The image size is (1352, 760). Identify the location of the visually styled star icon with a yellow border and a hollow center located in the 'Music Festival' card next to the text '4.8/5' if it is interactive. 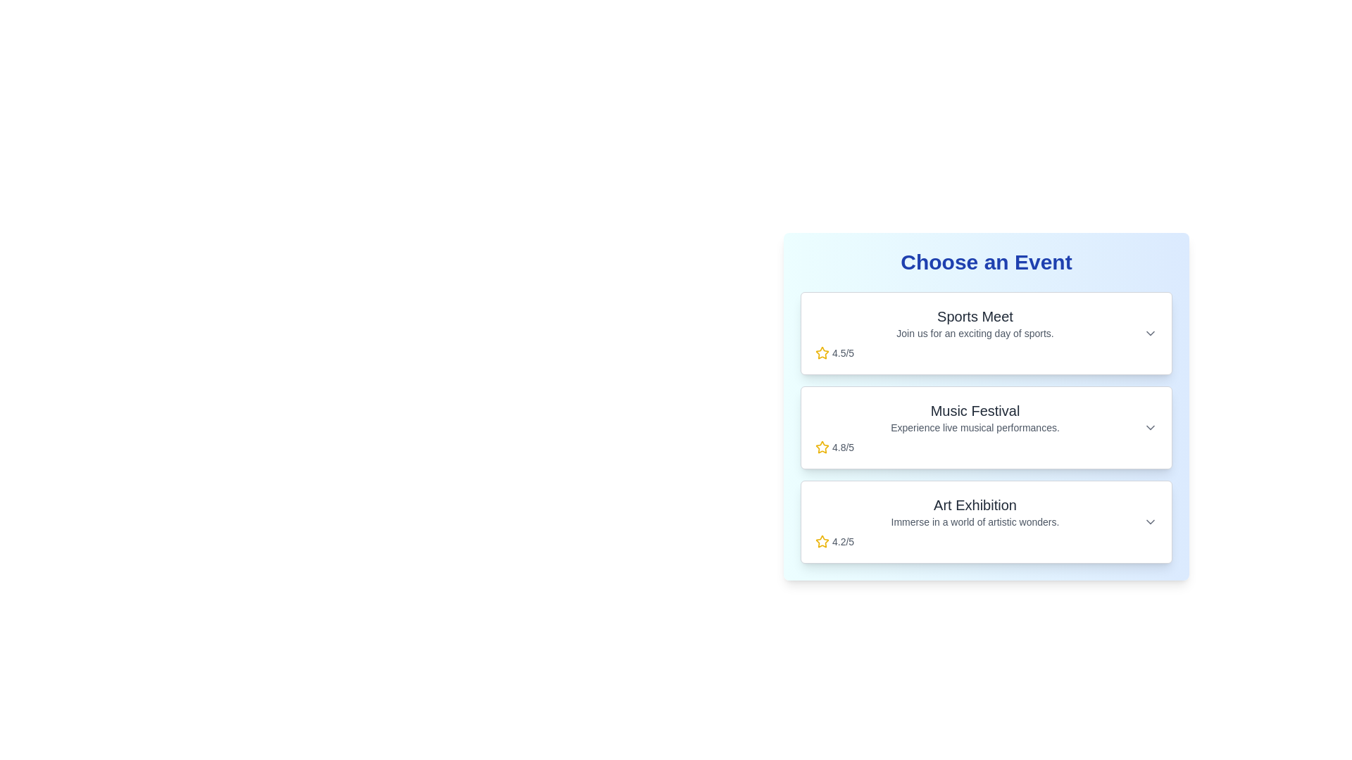
(822, 447).